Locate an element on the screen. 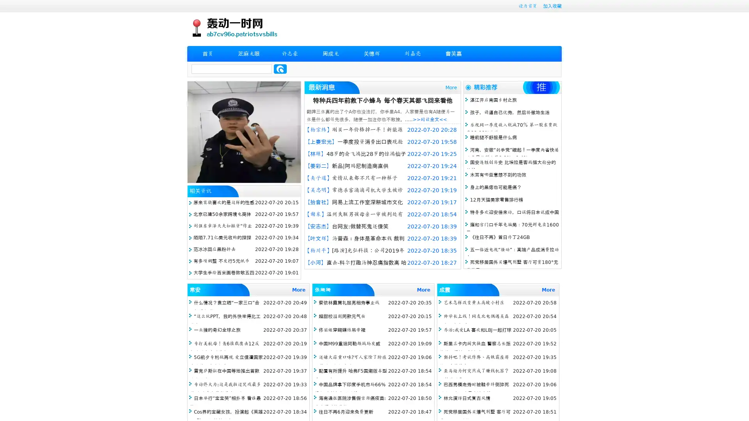 The image size is (749, 421). Search is located at coordinates (280, 69).